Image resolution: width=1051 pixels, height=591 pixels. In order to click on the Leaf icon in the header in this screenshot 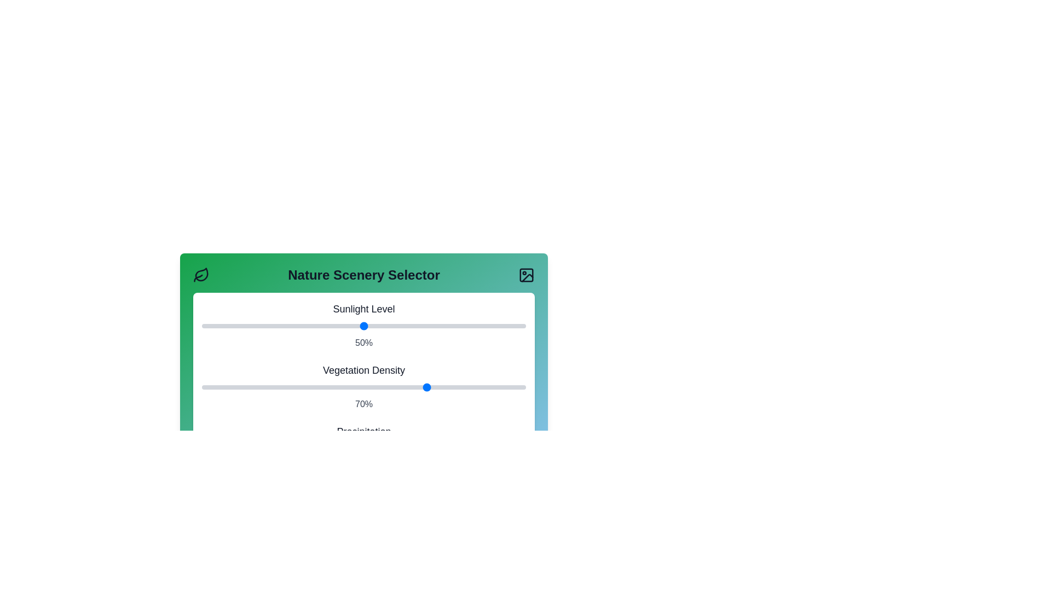, I will do `click(201, 274)`.